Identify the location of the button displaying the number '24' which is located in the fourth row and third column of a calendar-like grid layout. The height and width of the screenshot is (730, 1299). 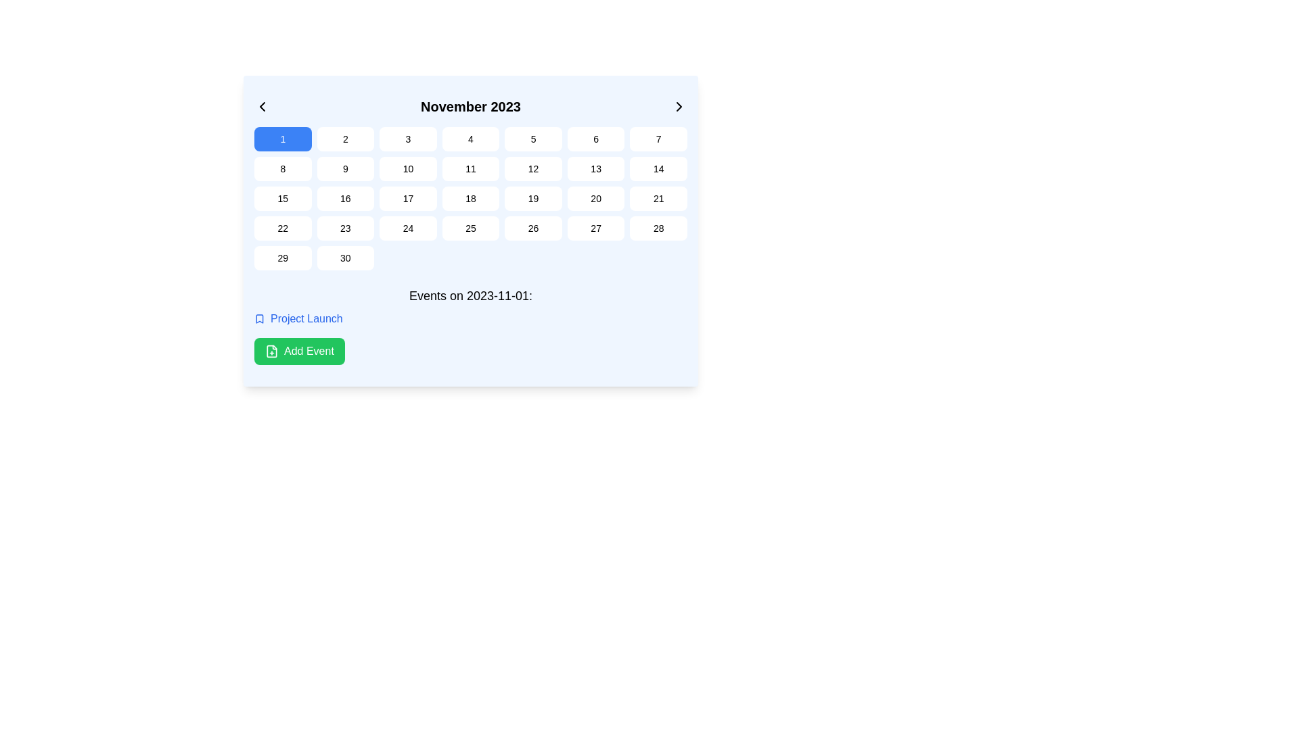
(407, 228).